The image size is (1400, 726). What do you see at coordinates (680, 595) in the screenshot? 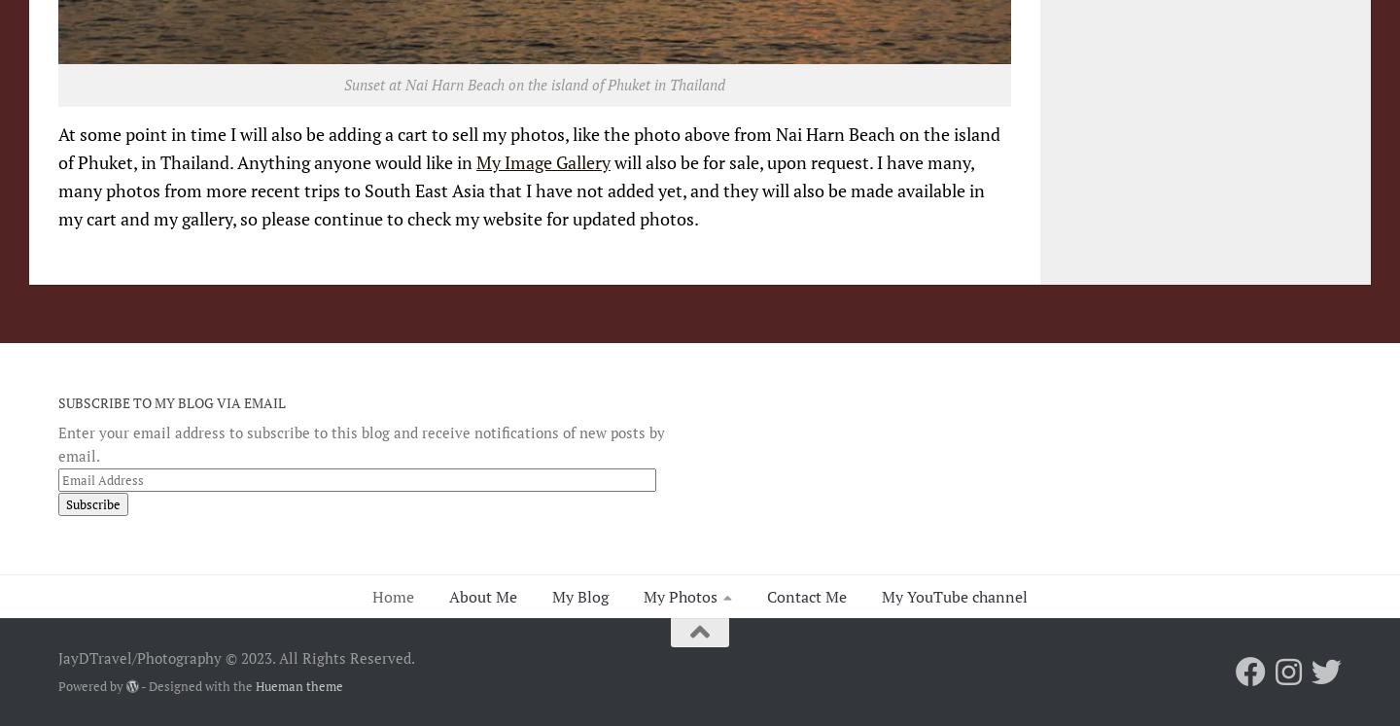
I see `'My Photos'` at bounding box center [680, 595].